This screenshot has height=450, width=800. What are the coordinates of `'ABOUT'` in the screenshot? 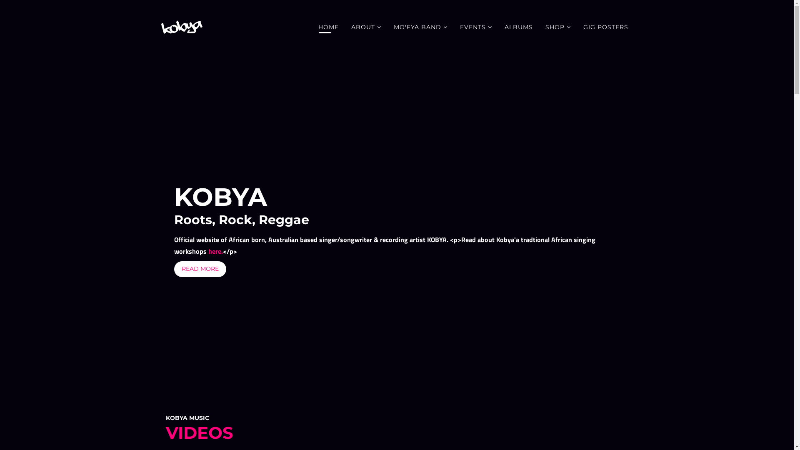 It's located at (366, 27).